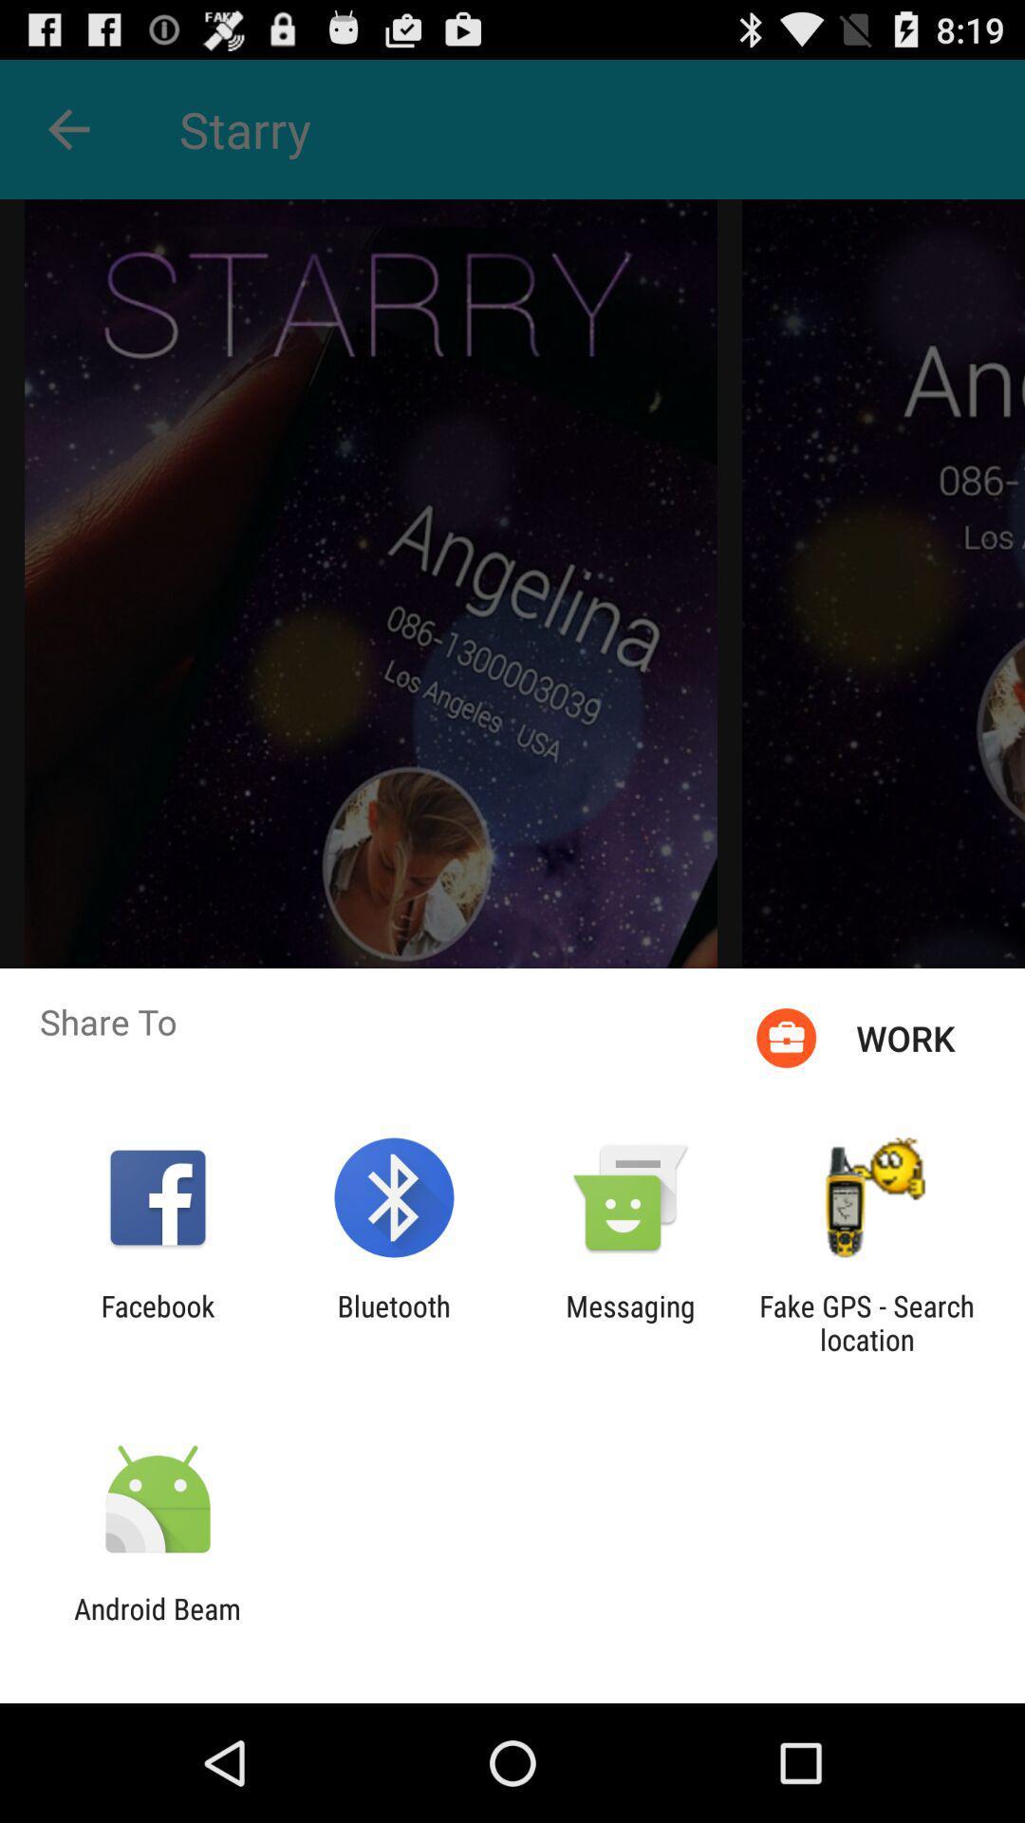 This screenshot has width=1025, height=1823. What do you see at coordinates (630, 1322) in the screenshot?
I see `the app next to the fake gps search item` at bounding box center [630, 1322].